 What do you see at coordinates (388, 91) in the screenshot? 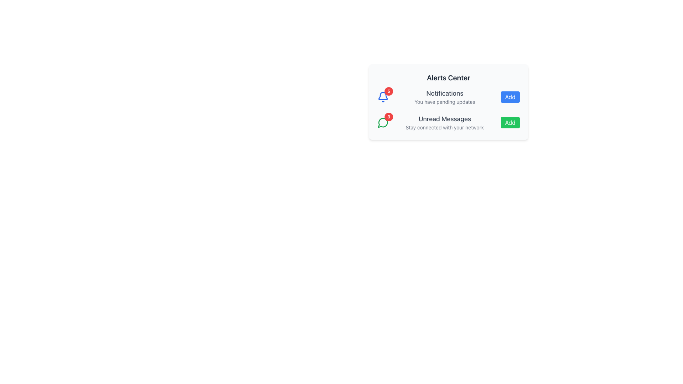
I see `the Notification badge, a small circular badge with a red background and the number '5' in white text, located at the top-right corner of the notification bell icon` at bounding box center [388, 91].